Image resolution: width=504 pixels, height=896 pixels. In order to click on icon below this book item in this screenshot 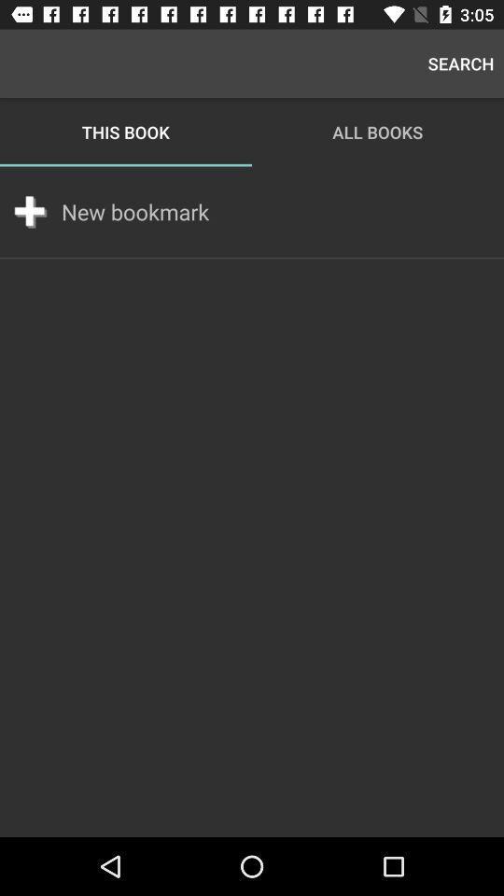, I will do `click(134, 212)`.